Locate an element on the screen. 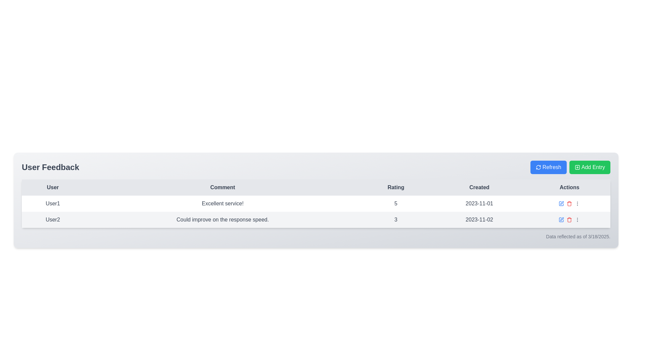 The width and height of the screenshot is (645, 363). the Icon button in the 'Actions' column of the first row in the feedback table is located at coordinates (561, 203).